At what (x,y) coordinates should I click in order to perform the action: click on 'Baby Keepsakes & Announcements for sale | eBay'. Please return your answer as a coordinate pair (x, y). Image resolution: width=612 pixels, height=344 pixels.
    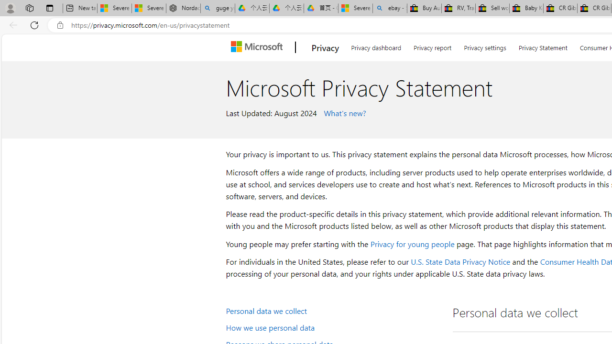
    Looking at the image, I should click on (526, 8).